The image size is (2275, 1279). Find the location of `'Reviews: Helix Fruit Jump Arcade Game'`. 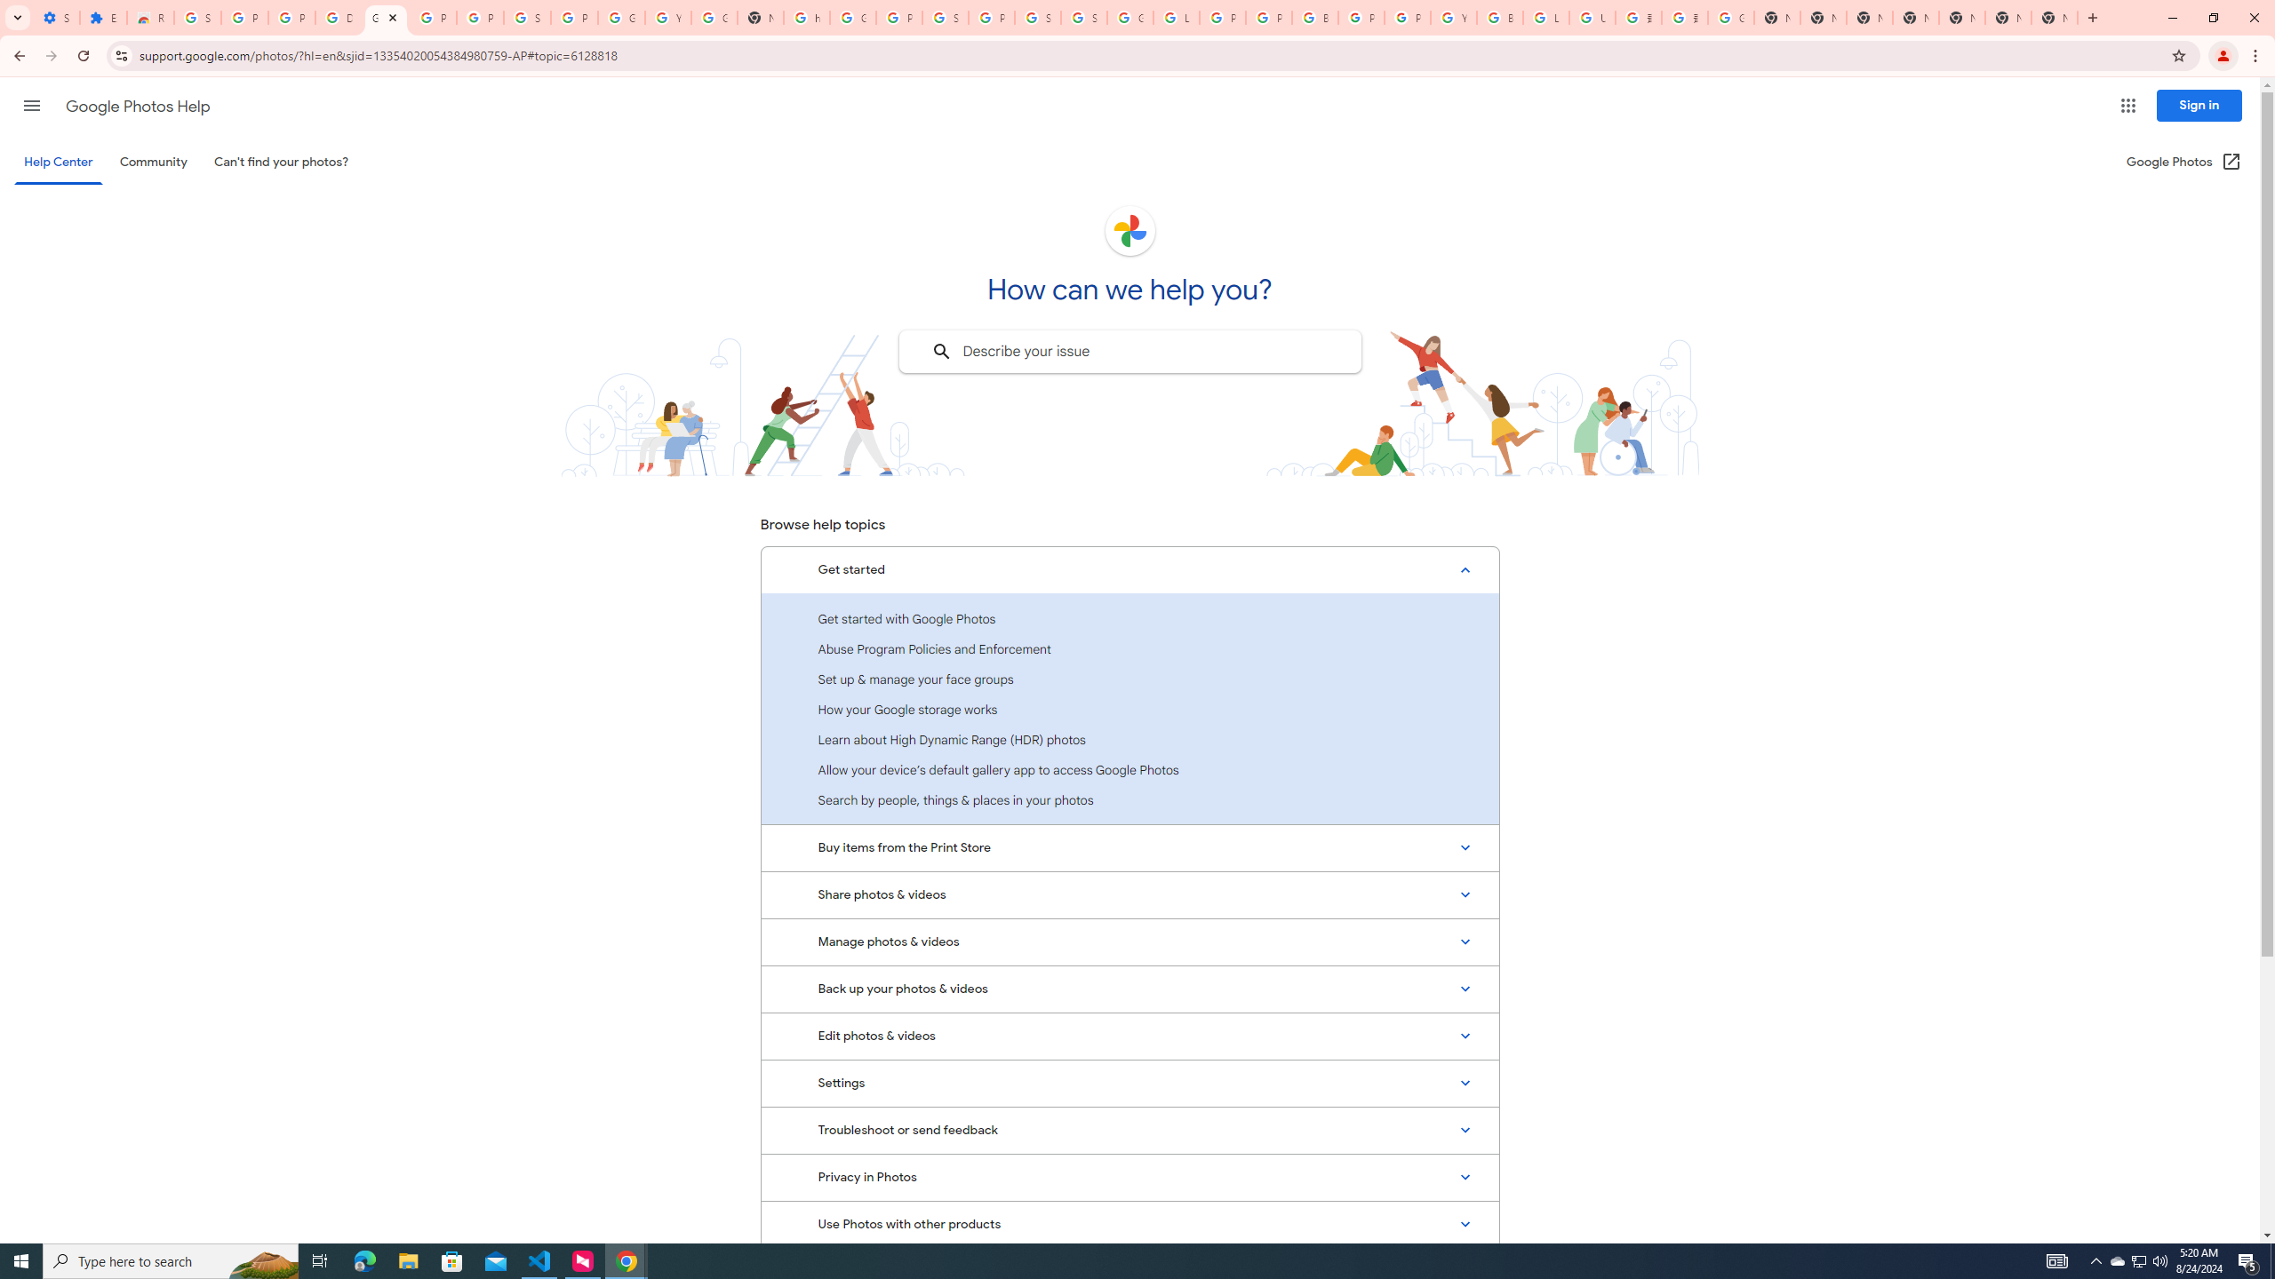

'Reviews: Helix Fruit Jump Arcade Game' is located at coordinates (148, 17).